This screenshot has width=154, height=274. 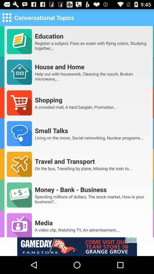 What do you see at coordinates (6, 19) in the screenshot?
I see `the dialpad icon` at bounding box center [6, 19].